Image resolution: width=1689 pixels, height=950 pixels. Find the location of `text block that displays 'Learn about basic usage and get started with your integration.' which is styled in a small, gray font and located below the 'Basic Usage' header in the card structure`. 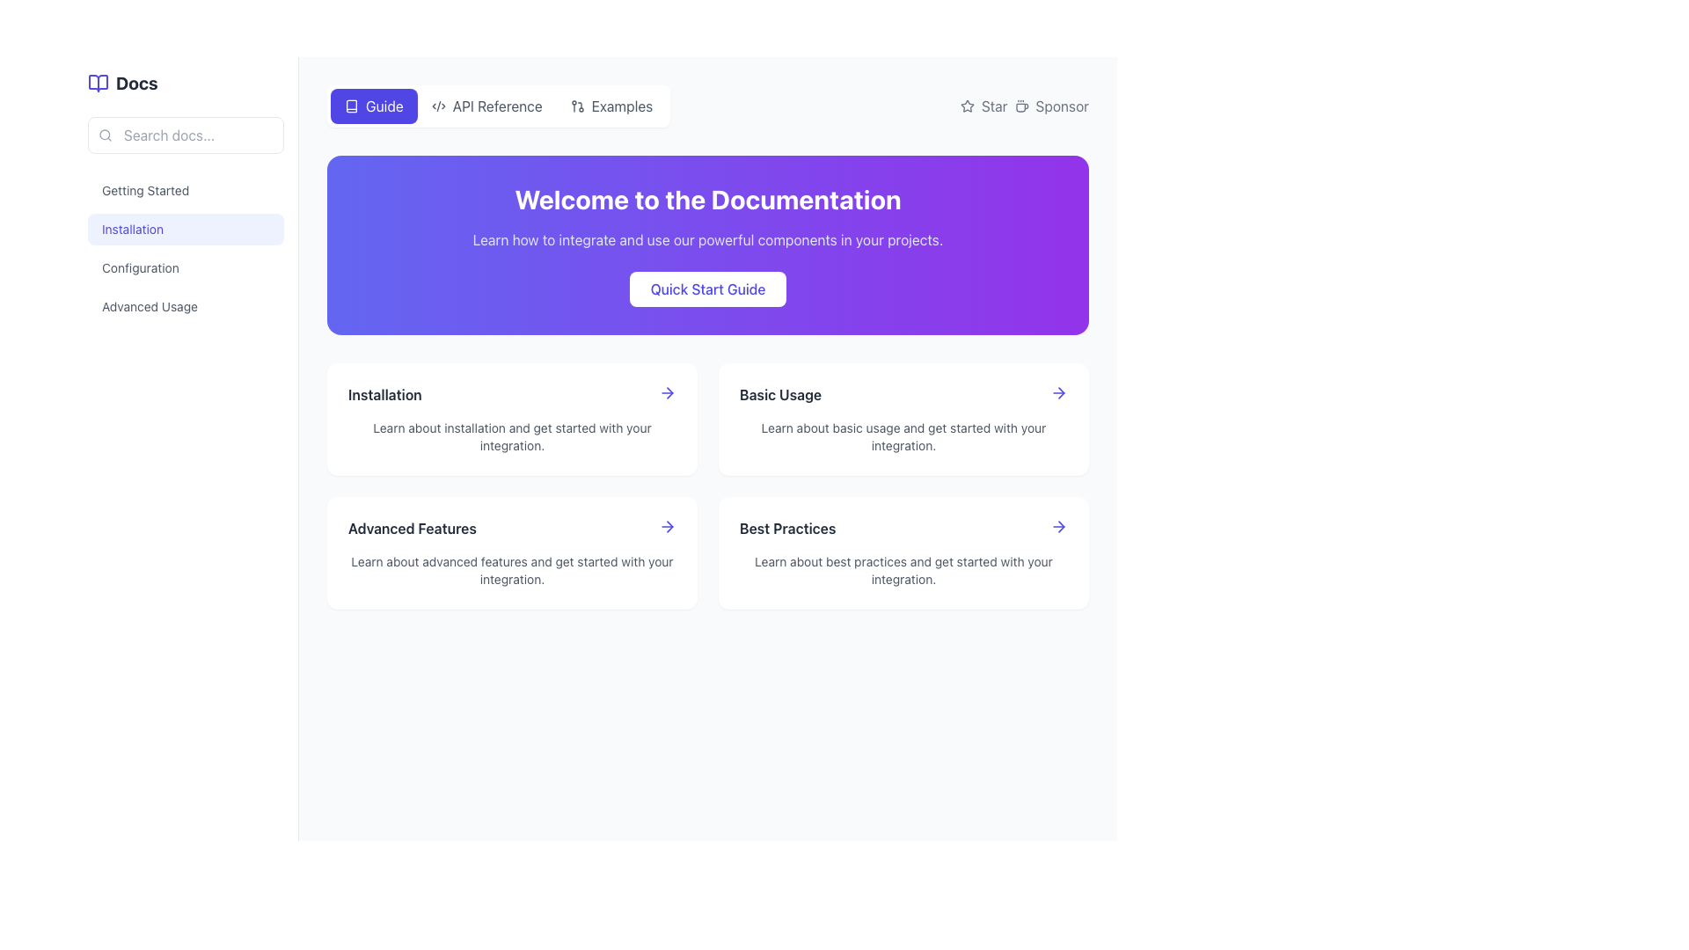

text block that displays 'Learn about basic usage and get started with your integration.' which is styled in a small, gray font and located below the 'Basic Usage' header in the card structure is located at coordinates (903, 436).